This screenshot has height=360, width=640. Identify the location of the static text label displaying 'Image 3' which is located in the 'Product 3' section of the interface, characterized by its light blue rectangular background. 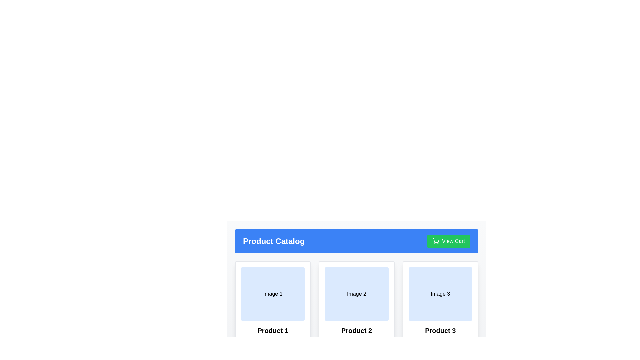
(440, 294).